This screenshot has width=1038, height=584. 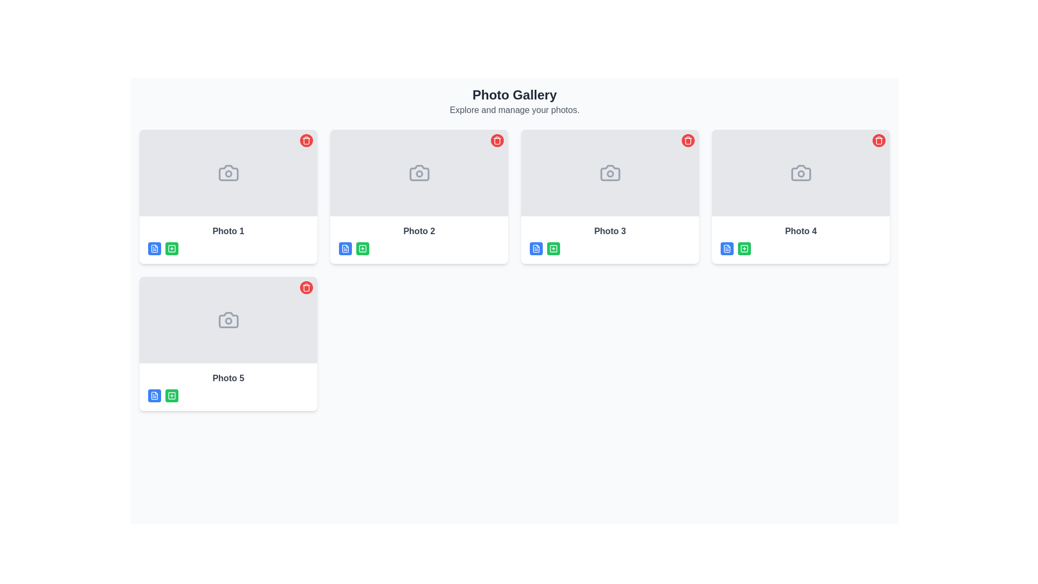 What do you see at coordinates (744, 248) in the screenshot?
I see `the rectangular shape with rounded corners located in the top-right region of the photo gallery layout, specifically aligned with 'Photo 4'` at bounding box center [744, 248].